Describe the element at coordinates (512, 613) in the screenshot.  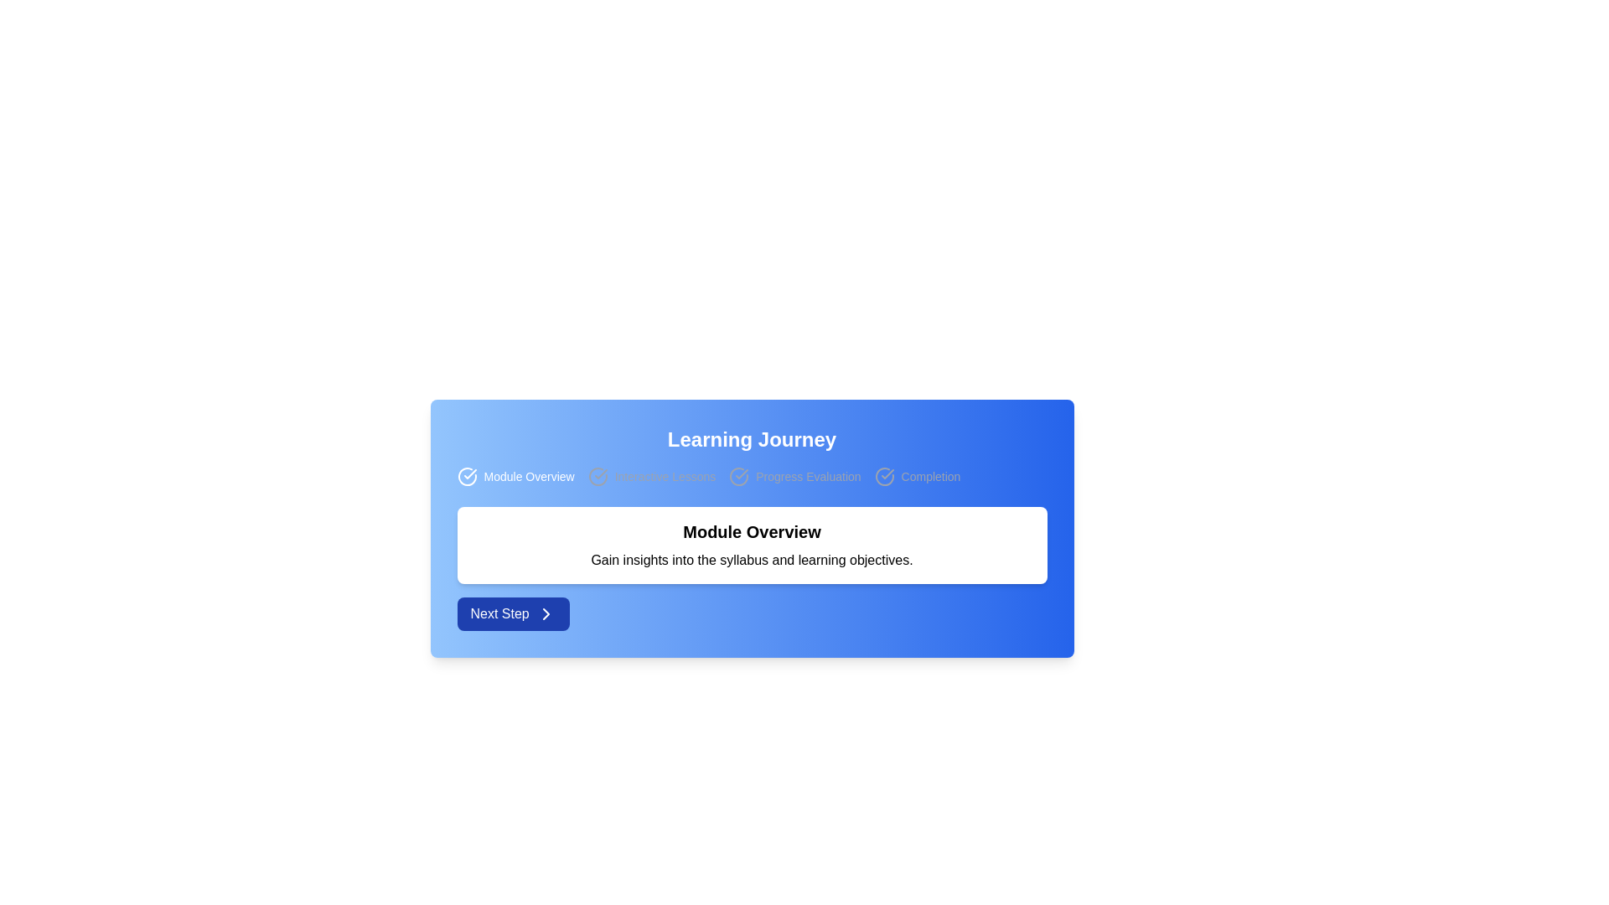
I see `the blue rectangular button labeled 'Next Step' with white text and a rightward pointing arrow icon to proceed` at that location.